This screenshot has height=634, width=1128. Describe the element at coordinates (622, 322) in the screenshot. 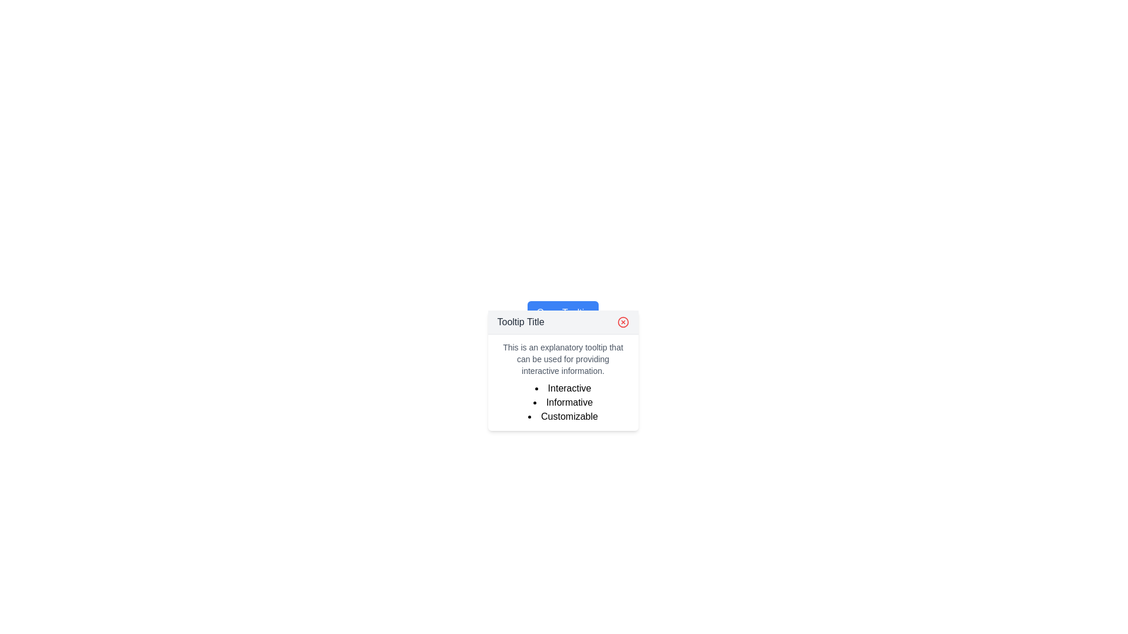

I see `the circular red graphical element that is styled as a close button located in the top-right corner of the tooltip box` at that location.